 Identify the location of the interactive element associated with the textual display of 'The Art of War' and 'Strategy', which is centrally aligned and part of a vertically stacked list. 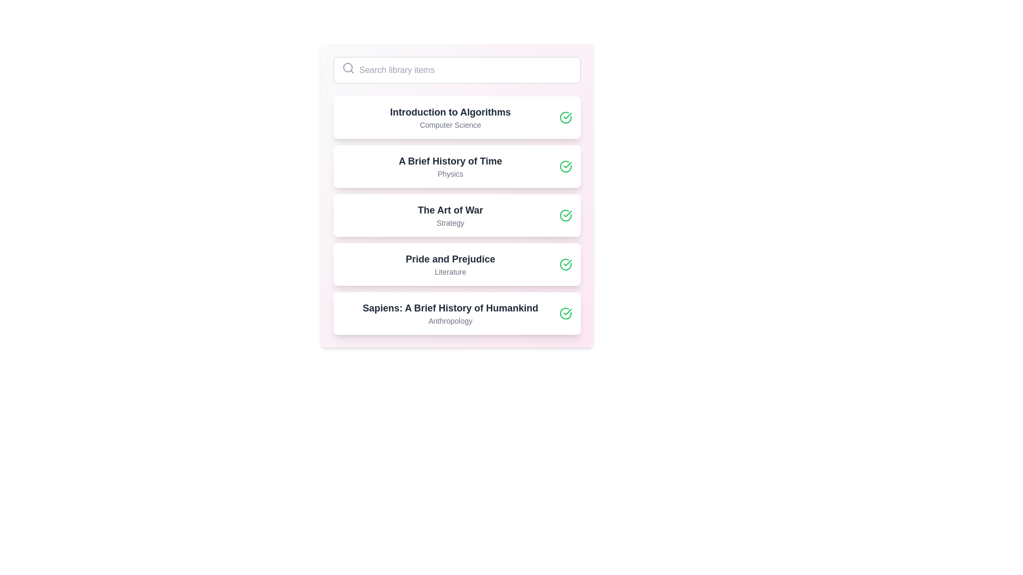
(450, 216).